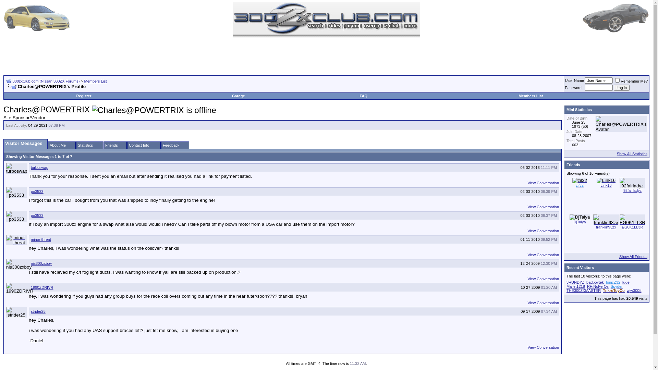 The image size is (658, 370). Describe the element at coordinates (566, 286) in the screenshot. I see `'Mallet1218'` at that location.